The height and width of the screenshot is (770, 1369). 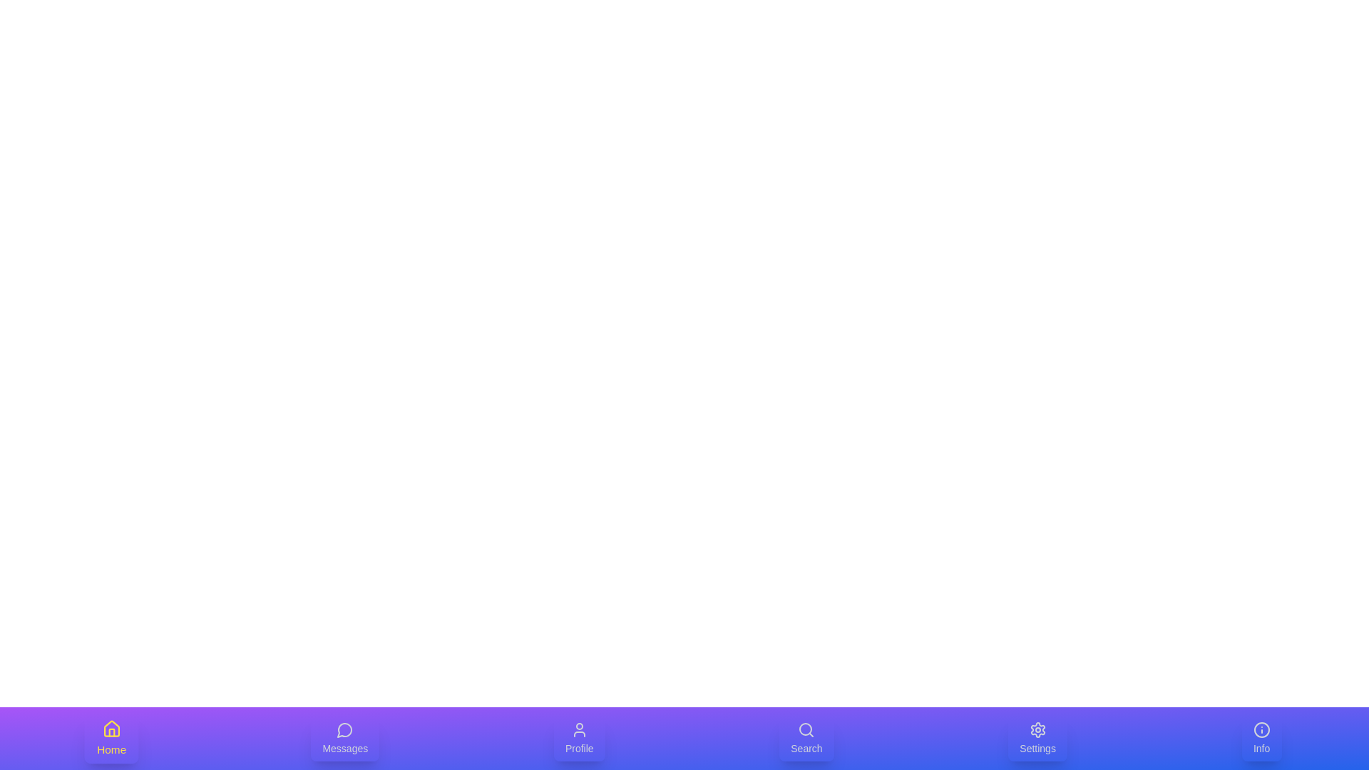 What do you see at coordinates (1262, 738) in the screenshot?
I see `the Info tab to select it` at bounding box center [1262, 738].